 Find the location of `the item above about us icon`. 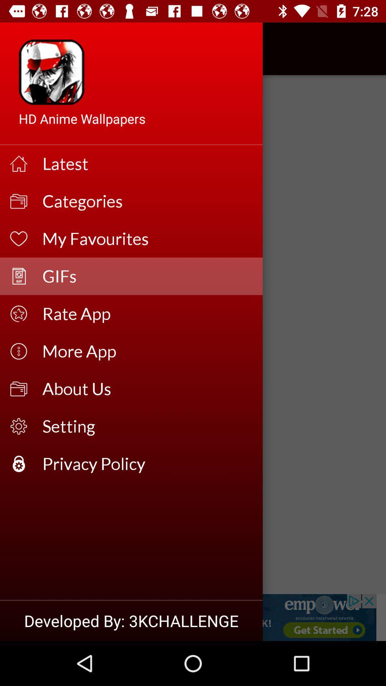

the item above about us icon is located at coordinates (147, 351).